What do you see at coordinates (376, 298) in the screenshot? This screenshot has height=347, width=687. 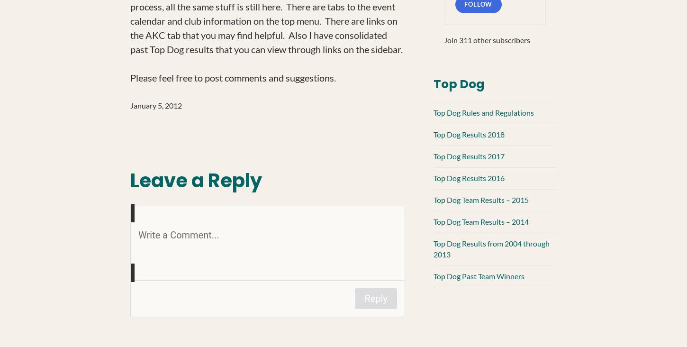 I see `'Reply'` at bounding box center [376, 298].